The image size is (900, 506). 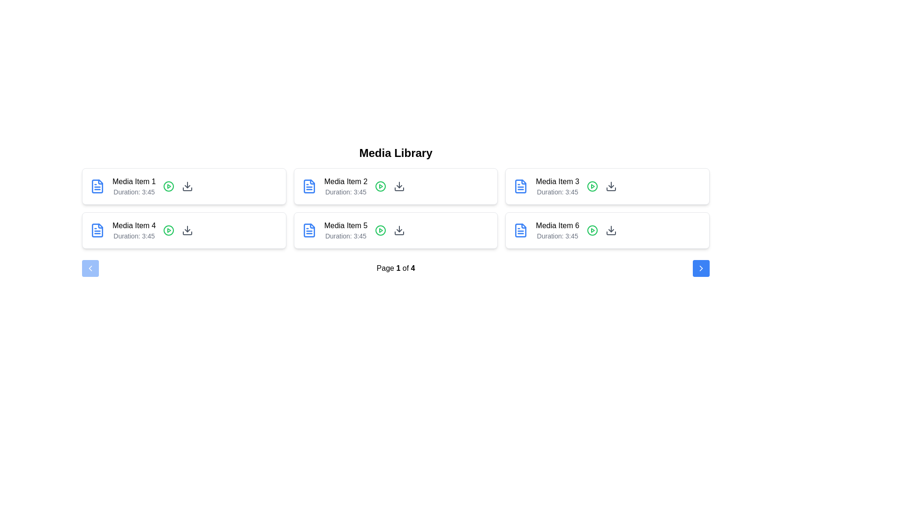 I want to click on decorative circle component of the SVG play button icon located in the top-left quadrant of the interface, adjacent to 'Media Item 1', so click(x=169, y=186).